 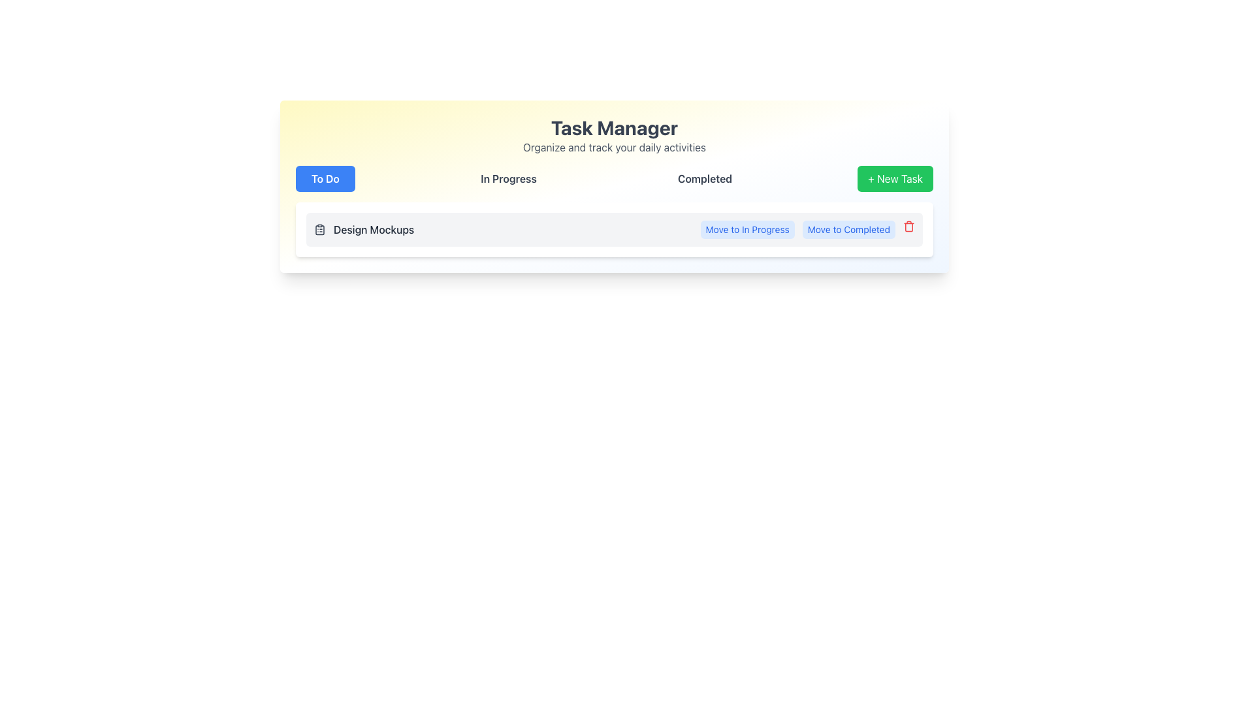 What do you see at coordinates (319, 228) in the screenshot?
I see `the small gray clipboard icon, which is a non-interactive SVG graphic located adjacent to the text 'Design Mockups' in the 'To Do' section of the task manager interface` at bounding box center [319, 228].